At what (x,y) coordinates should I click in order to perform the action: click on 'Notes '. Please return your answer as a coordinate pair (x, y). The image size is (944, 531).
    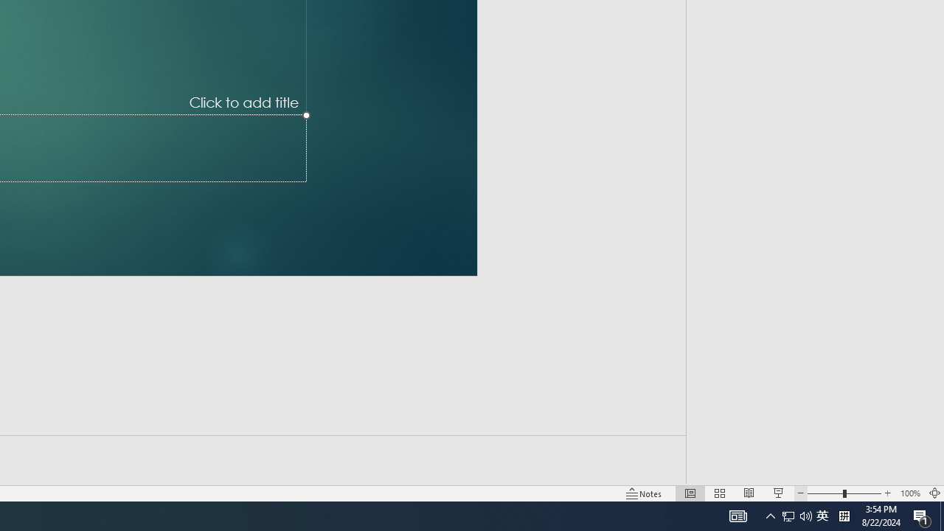
    Looking at the image, I should click on (645, 493).